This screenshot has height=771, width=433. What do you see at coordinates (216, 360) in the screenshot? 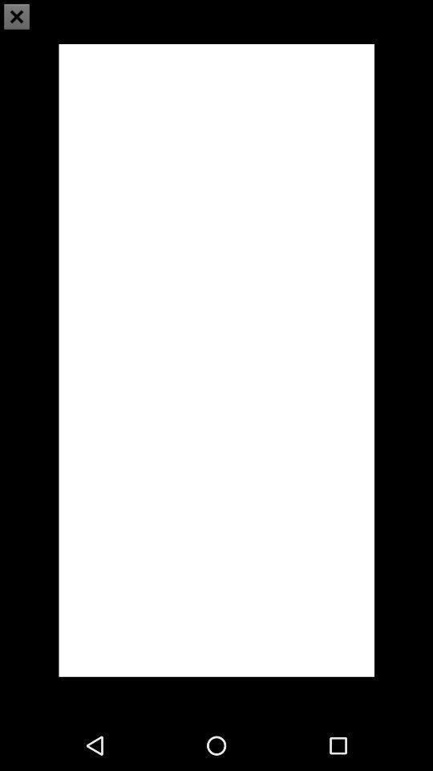
I see `the icon at the center` at bounding box center [216, 360].